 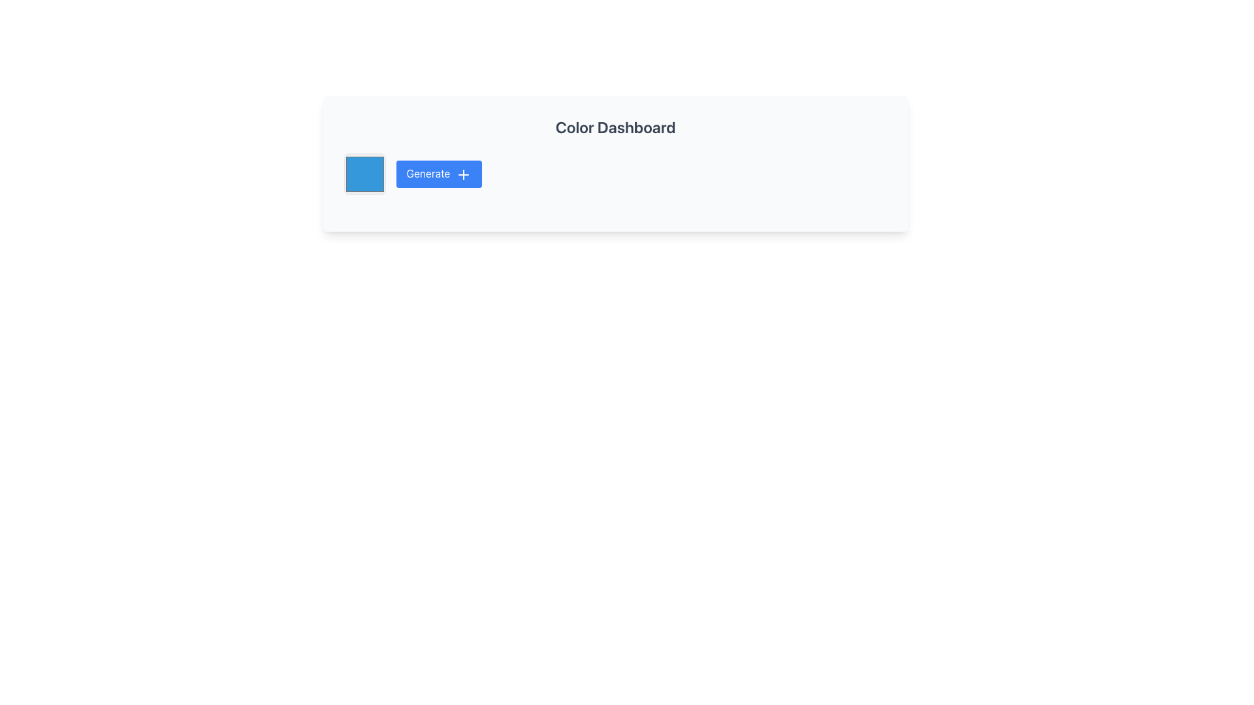 What do you see at coordinates (463, 174) in the screenshot?
I see `the icon located to the right of the 'Generate' text within the 'Generate' button` at bounding box center [463, 174].